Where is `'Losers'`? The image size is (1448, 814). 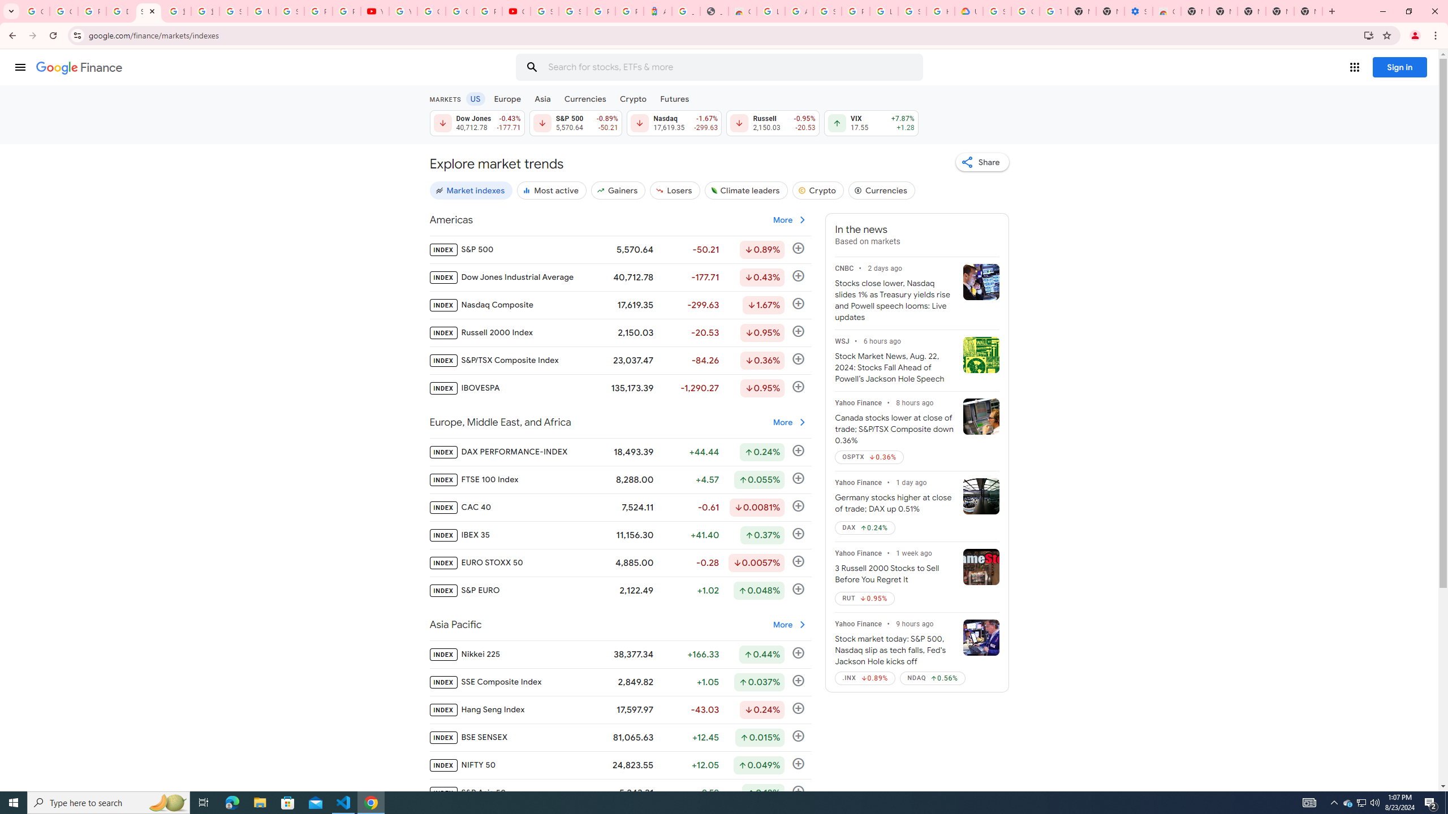 'Losers' is located at coordinates (675, 190).